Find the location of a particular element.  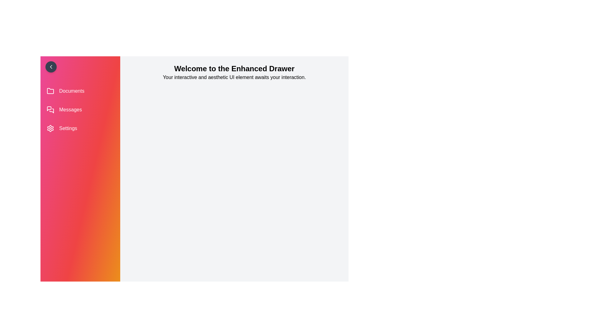

the 'Messages' item in the menu is located at coordinates (80, 110).